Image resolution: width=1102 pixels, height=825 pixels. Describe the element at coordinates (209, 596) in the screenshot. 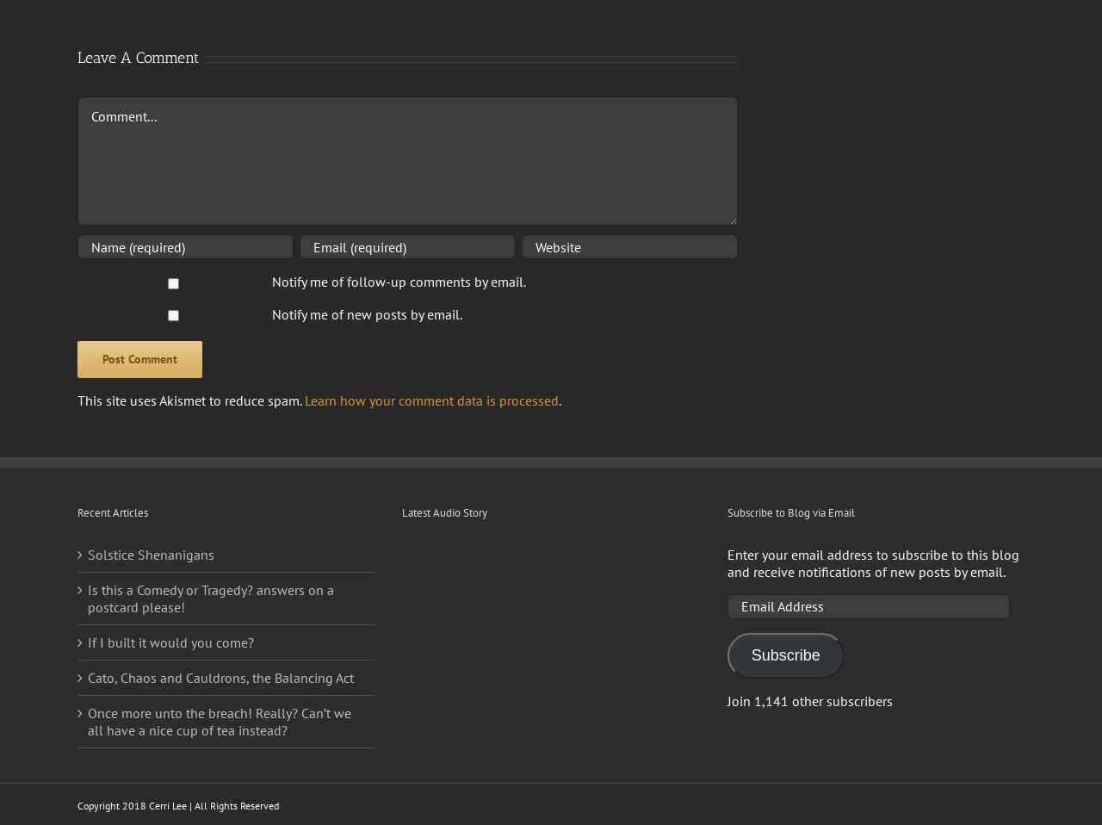

I see `'Is this a Comedy or Tragedy? answers on a postcard please!'` at that location.